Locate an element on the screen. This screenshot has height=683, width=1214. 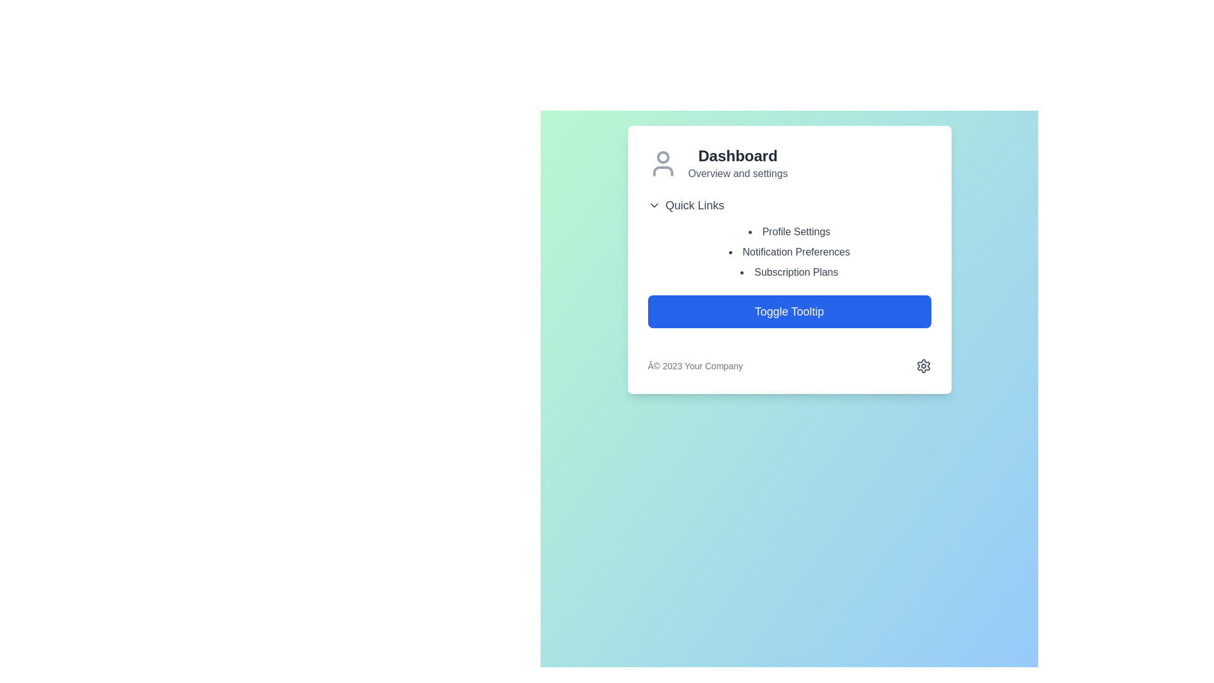
the text label reading '© 2023 Your Company' located in the footer section of the interface is located at coordinates (694, 366).